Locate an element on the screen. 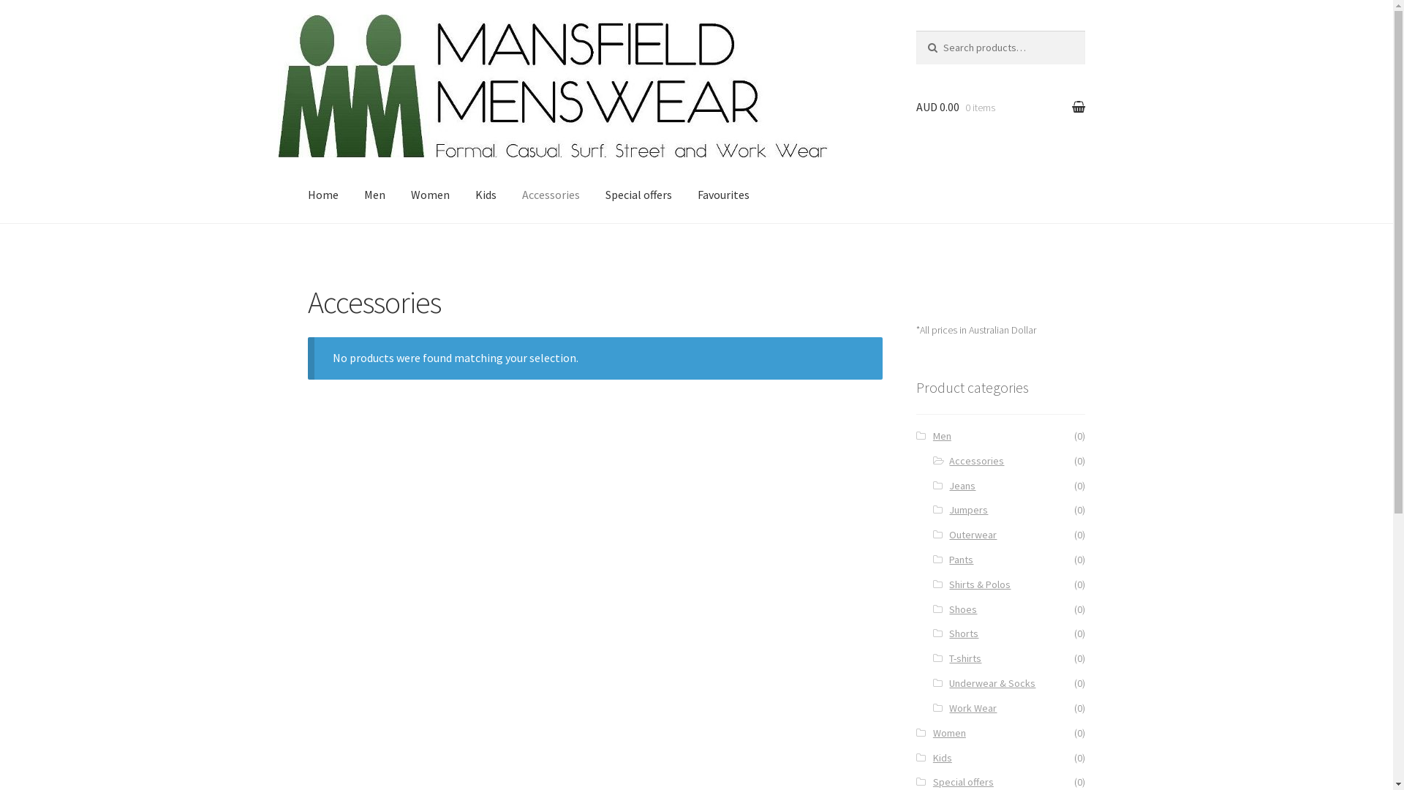 The width and height of the screenshot is (1404, 790). 'AUD 0.00 0 items' is located at coordinates (915, 106).